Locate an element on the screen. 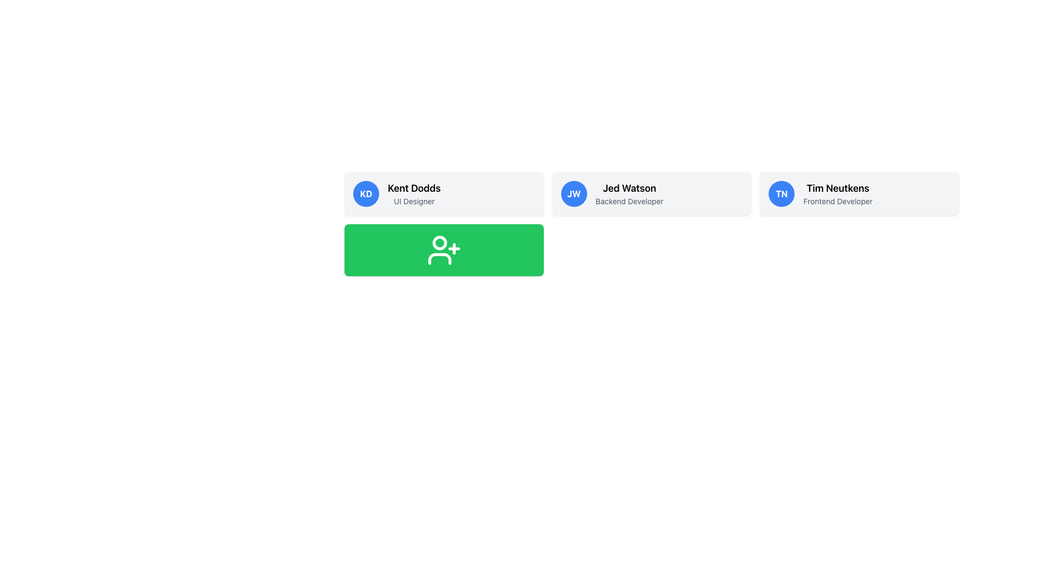 The width and height of the screenshot is (1040, 585). the text label element displaying 'UI Designer' located under the name 'Kent Dodds' in the user profile card is located at coordinates (413, 201).